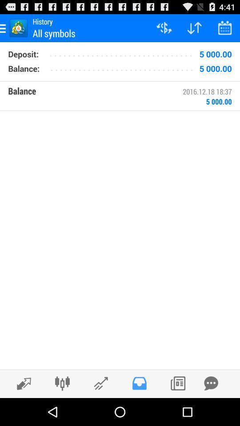 This screenshot has height=426, width=240. Describe the element at coordinates (62, 383) in the screenshot. I see `adjust account balances` at that location.